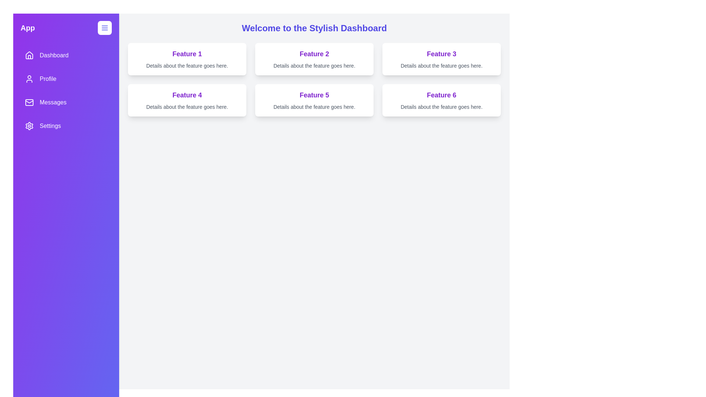  Describe the element at coordinates (47, 79) in the screenshot. I see `the 'Profile' text label, which is the second item in the vertical menu list on the left panel` at that location.